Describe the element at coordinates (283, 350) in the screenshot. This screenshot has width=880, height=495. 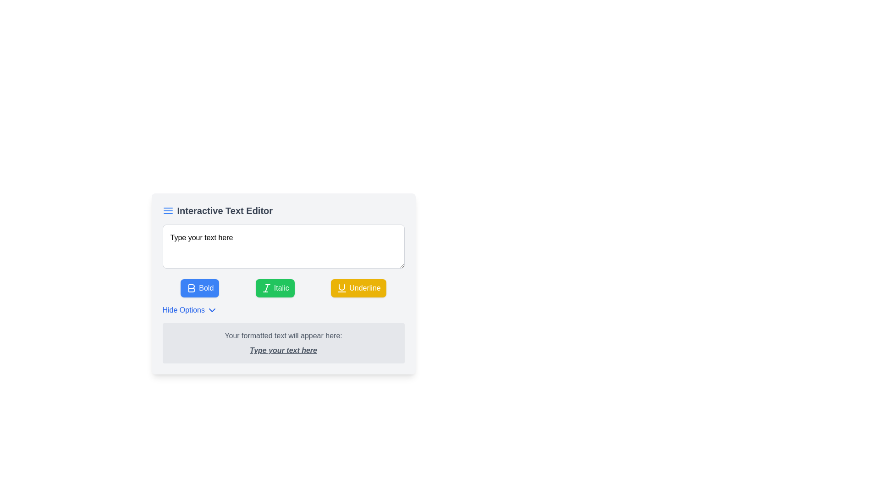
I see `the text display element styled with italic, bold, and underline formatting that contains the content 'Type your text here', located below the label 'Your formatted text will appear here:'` at that location.